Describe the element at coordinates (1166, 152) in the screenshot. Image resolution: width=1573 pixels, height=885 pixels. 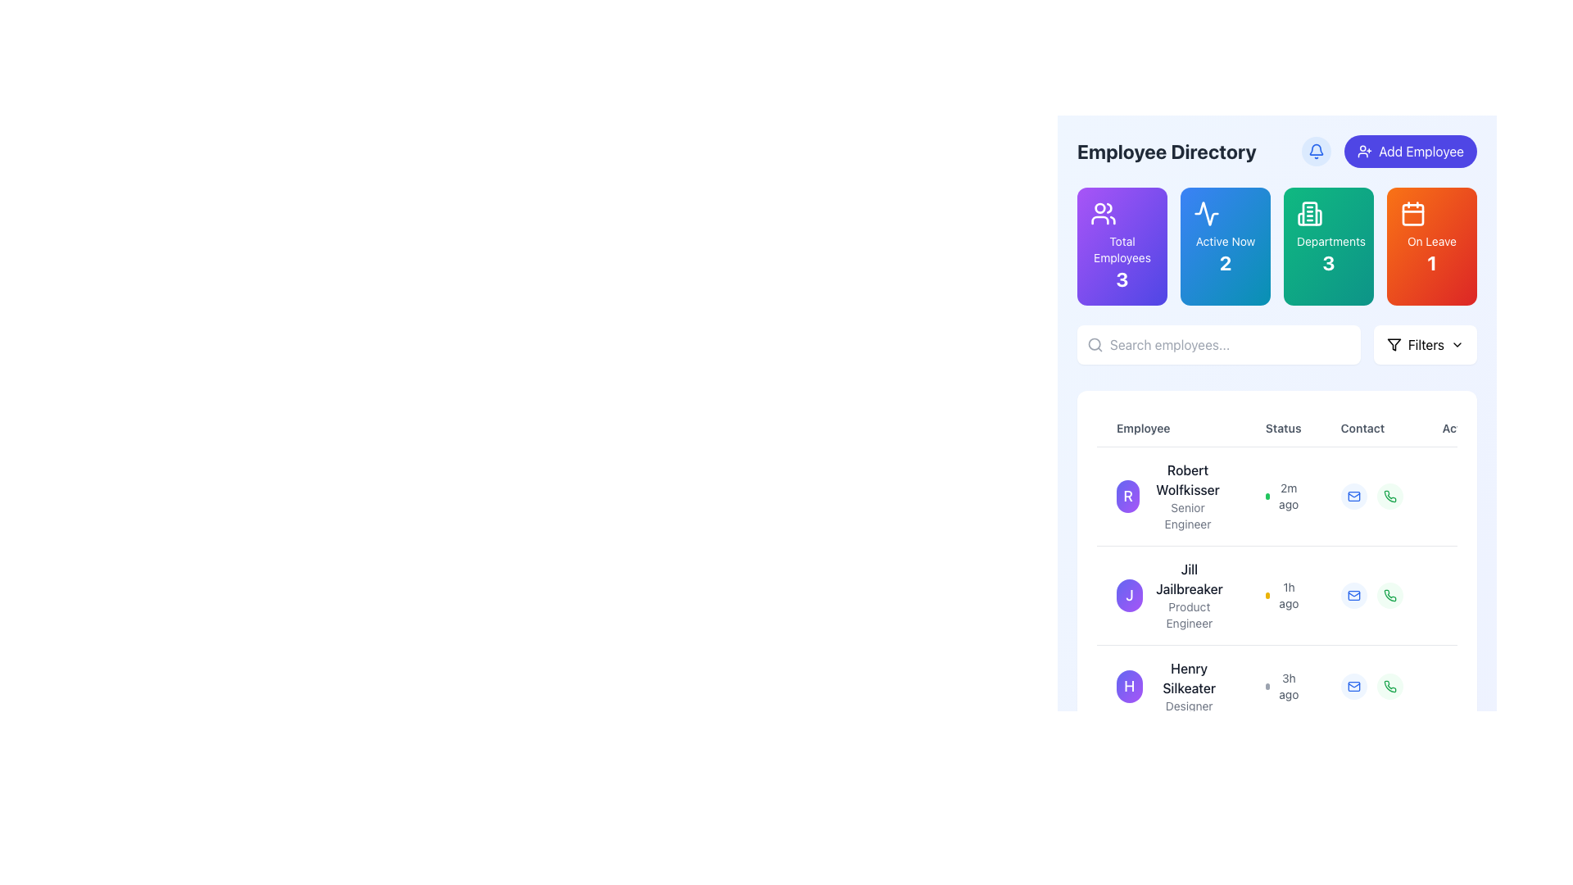
I see `text label that displays 'Employee Directory', which is a bold and large font styled in dark gray, located at the top-left section of the content area` at that location.